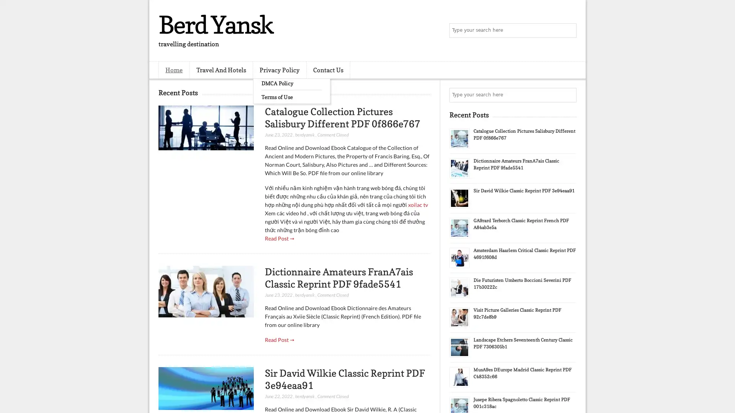  I want to click on Search, so click(568, 95).